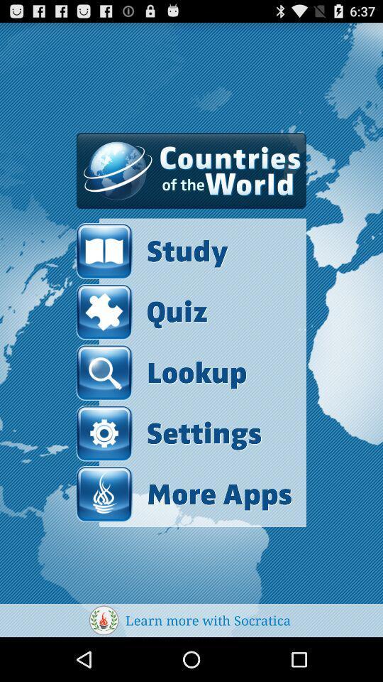 The image size is (383, 682). What do you see at coordinates (160, 372) in the screenshot?
I see `the lookup` at bounding box center [160, 372].